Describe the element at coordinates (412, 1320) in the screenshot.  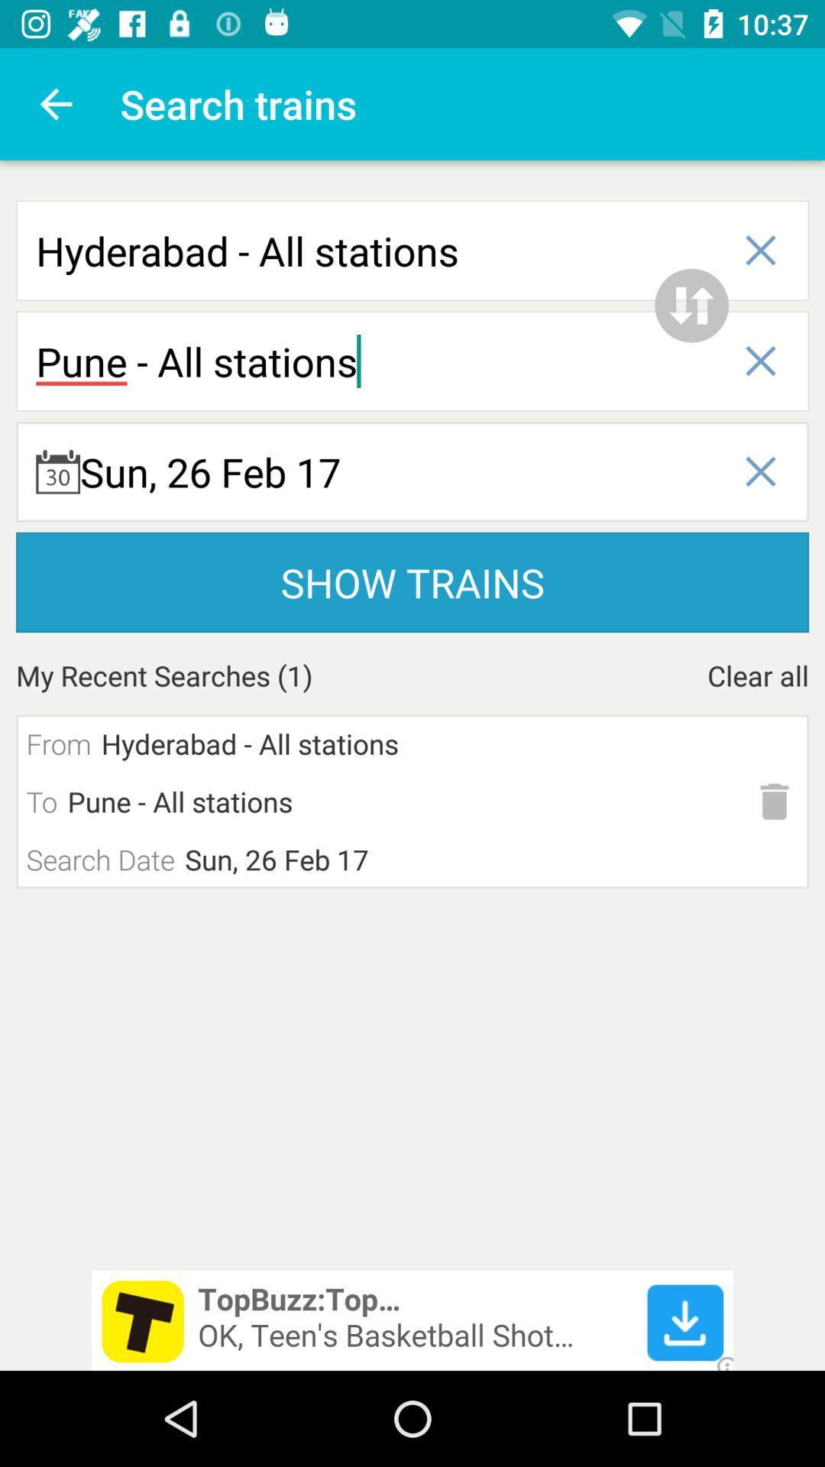
I see `advertisement banner` at that location.